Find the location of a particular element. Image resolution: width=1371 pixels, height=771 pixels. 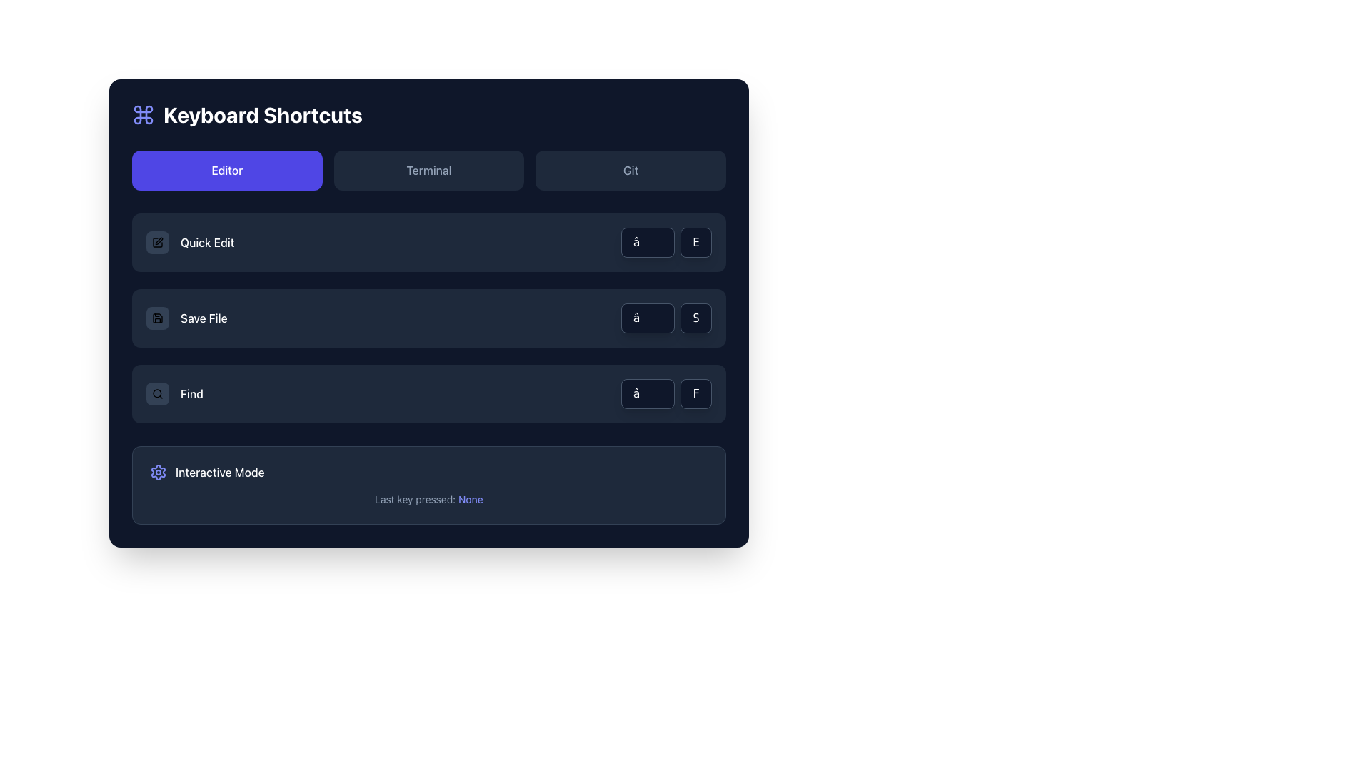

the second button in the 'Keyboard Shortcuts' section, which triggers the 'Save File' action is located at coordinates (428, 318).